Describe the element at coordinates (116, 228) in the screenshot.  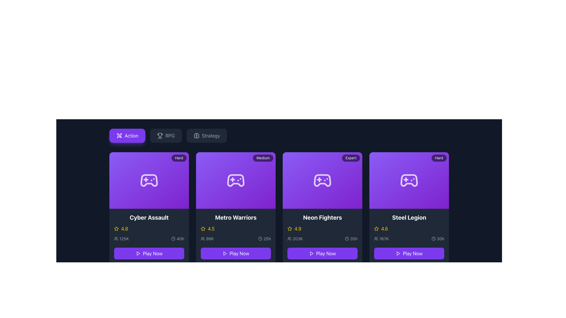
I see `the full star icon representing the high rating of 4.8 for 'Cyber Assault' to interact with the rating system` at that location.